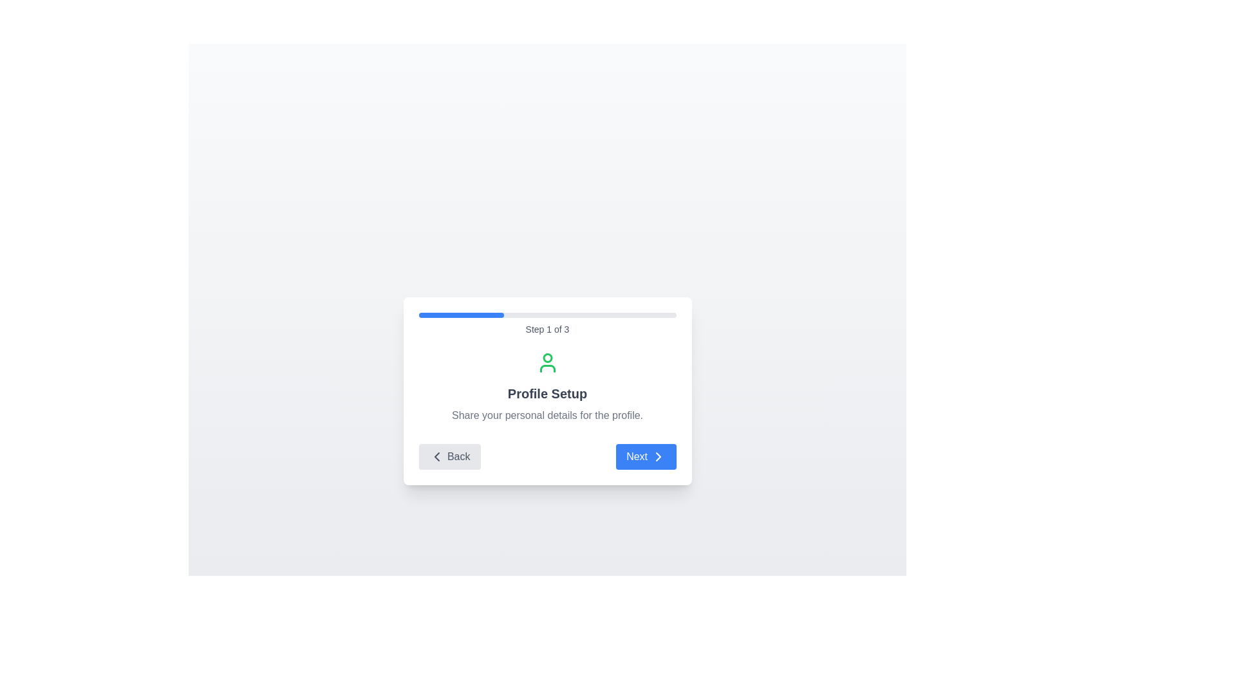 The width and height of the screenshot is (1236, 695). What do you see at coordinates (436, 456) in the screenshot?
I see `the arrow icon within the 'Back' button located at the bottom-left corner of the card` at bounding box center [436, 456].